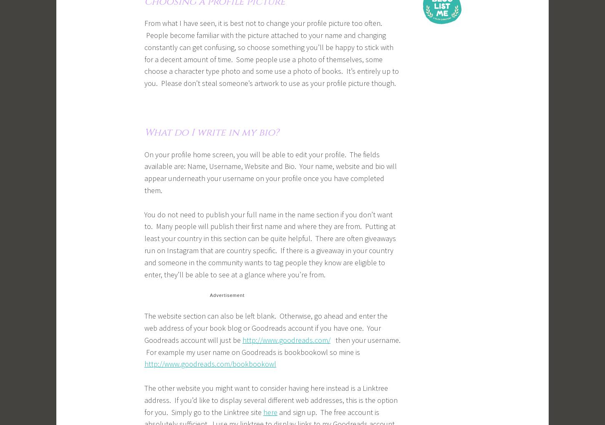  What do you see at coordinates (270, 171) in the screenshot?
I see `'On your profile home screen, you will be able to edit your profile.  The fields available are: Name, Username, Website and Bio.  Your name, website and bio will appear underneath your username on your profile once you have completed them.'` at bounding box center [270, 171].